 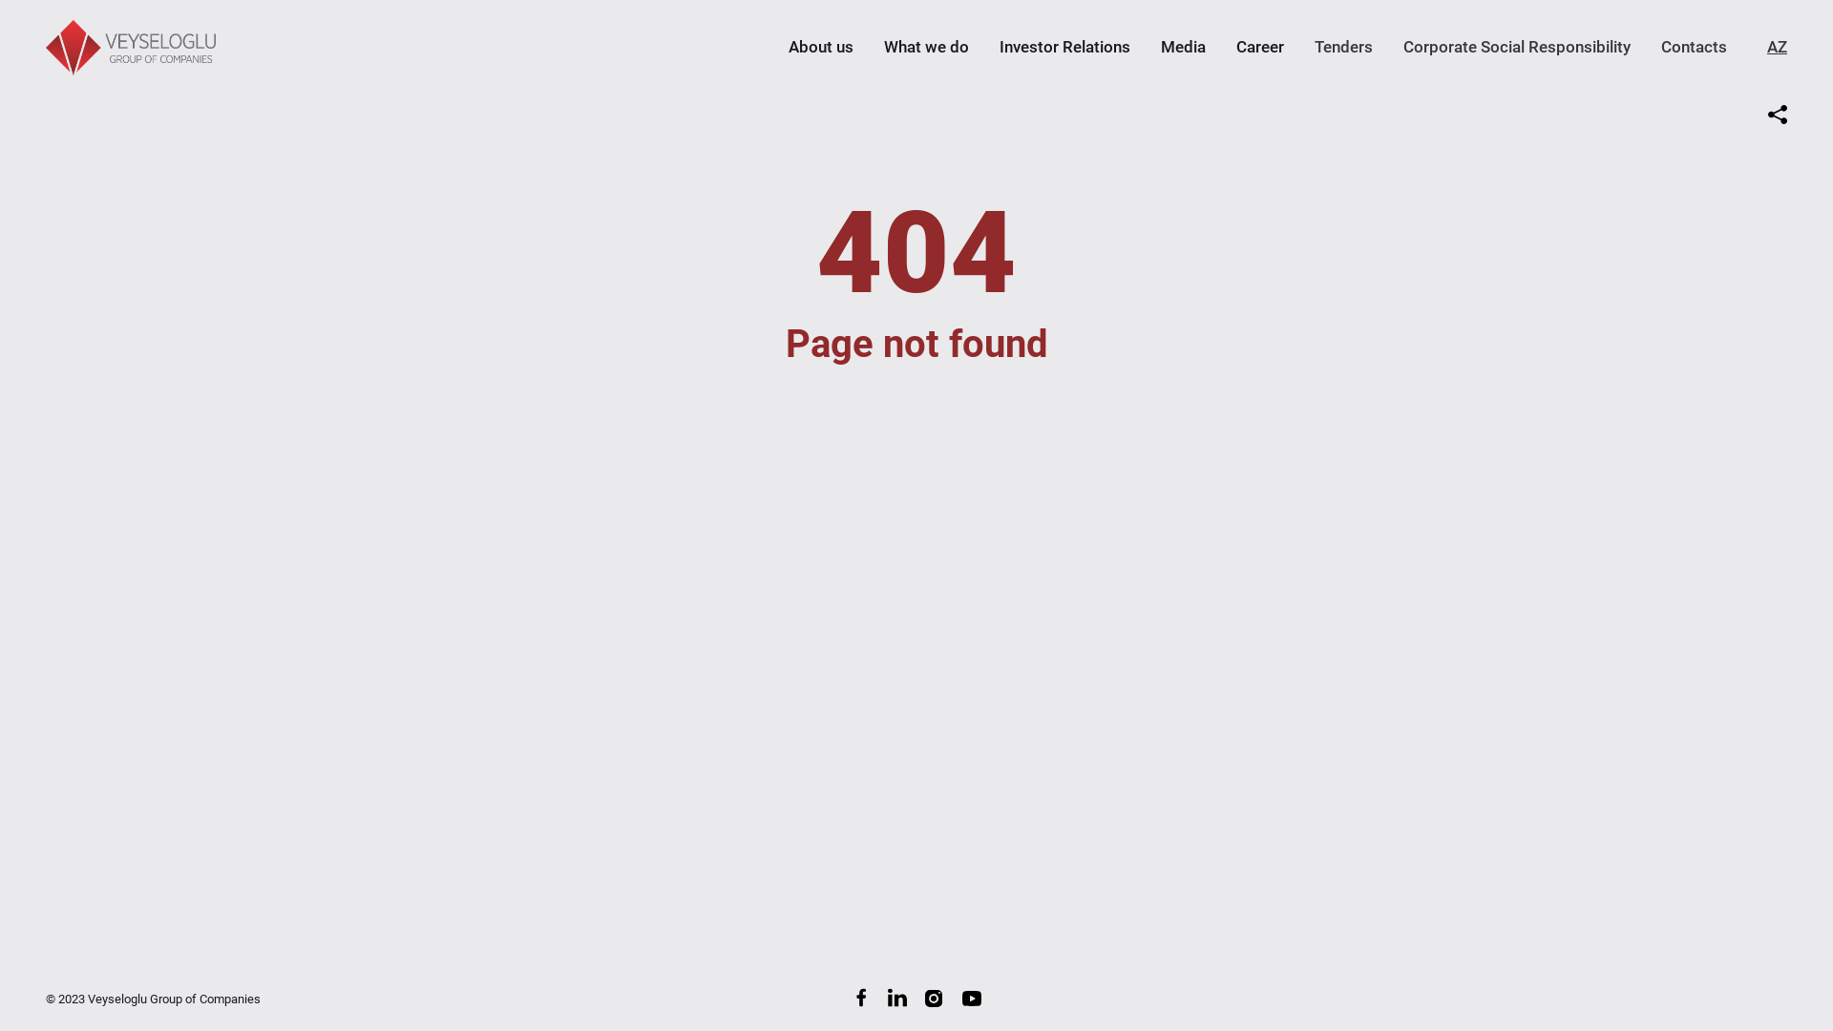 What do you see at coordinates (1064, 46) in the screenshot?
I see `'Investor Relations'` at bounding box center [1064, 46].